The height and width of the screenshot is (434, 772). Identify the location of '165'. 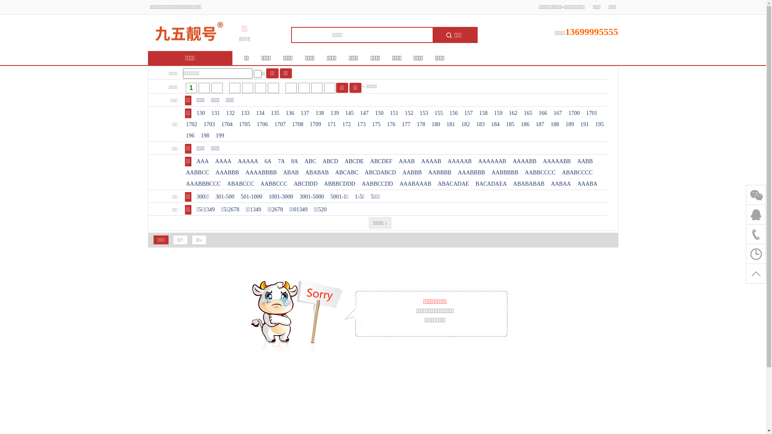
(523, 113).